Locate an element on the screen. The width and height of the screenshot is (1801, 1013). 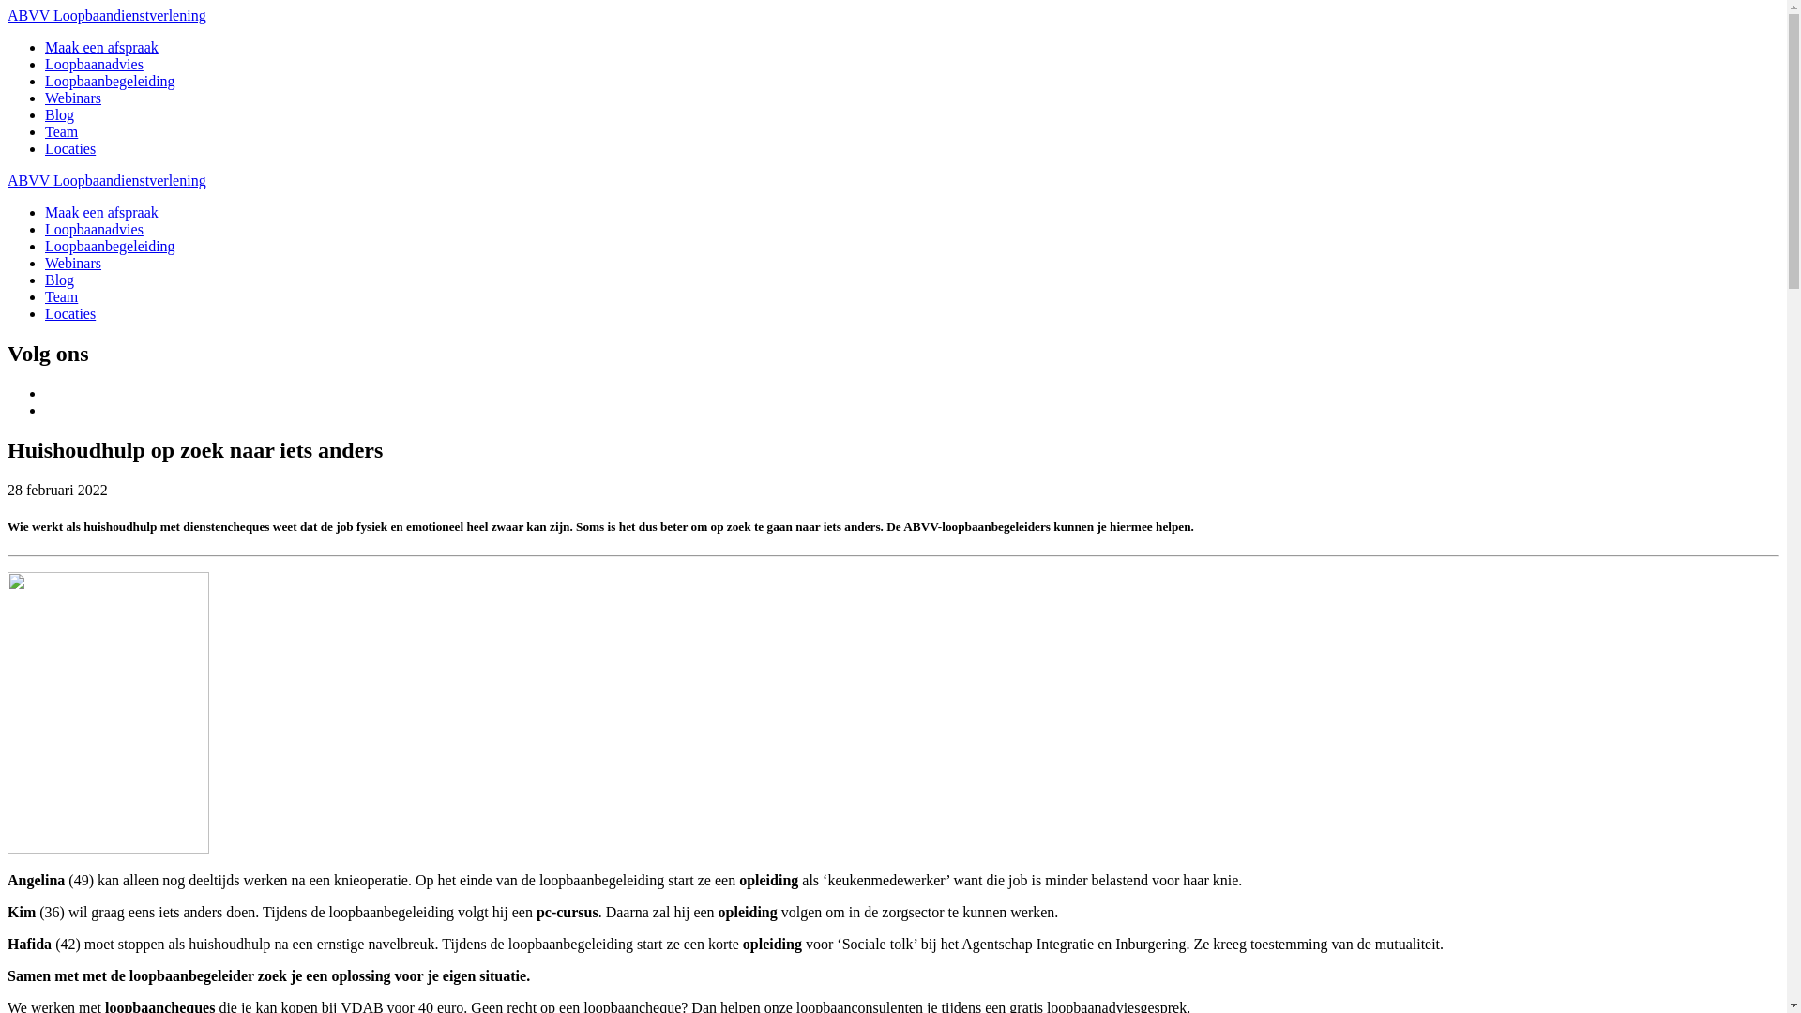
'Loopbaanadvies' is located at coordinates (93, 63).